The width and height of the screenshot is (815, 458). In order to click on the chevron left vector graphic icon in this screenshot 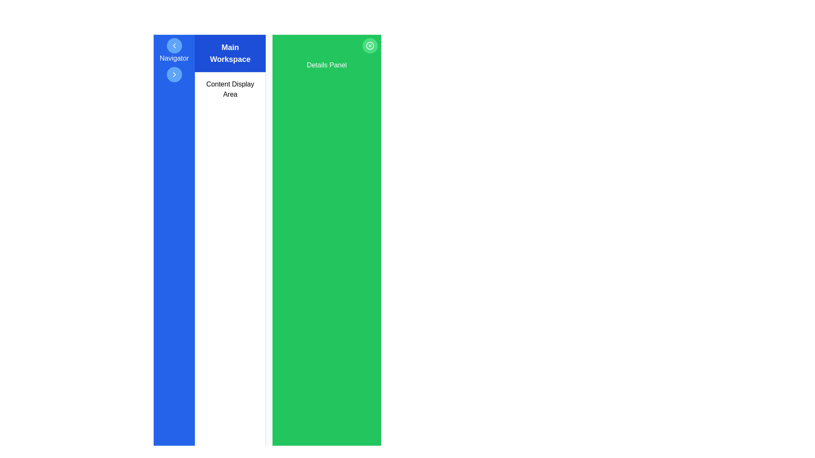, I will do `click(174, 46)`.